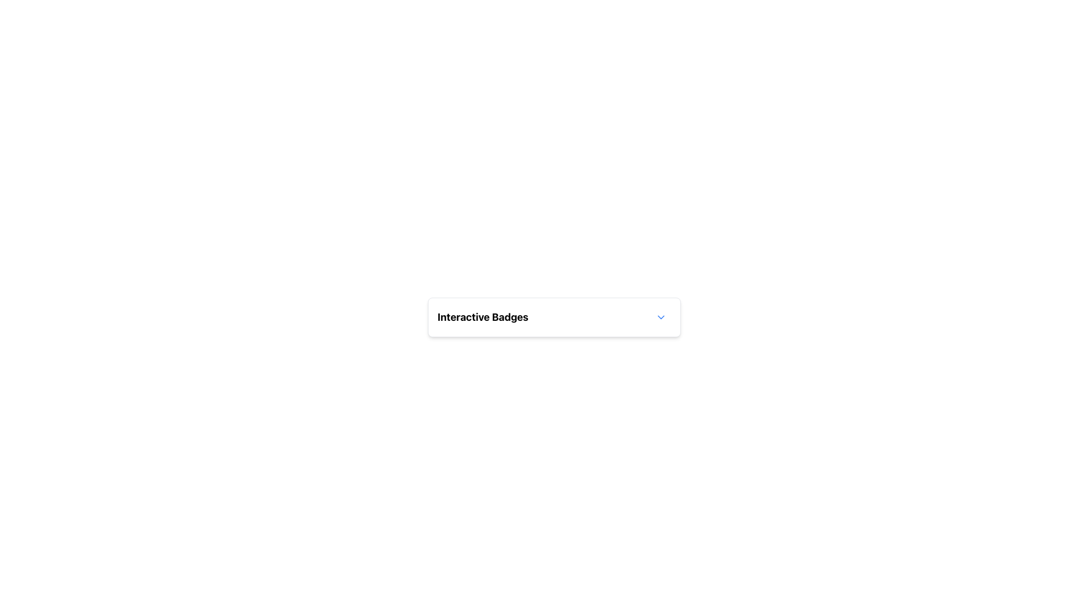  Describe the element at coordinates (661, 317) in the screenshot. I see `the chevron-down icon styled as an outline with a blue stroke, located at the right end of the 'Interactive Badges' button` at that location.